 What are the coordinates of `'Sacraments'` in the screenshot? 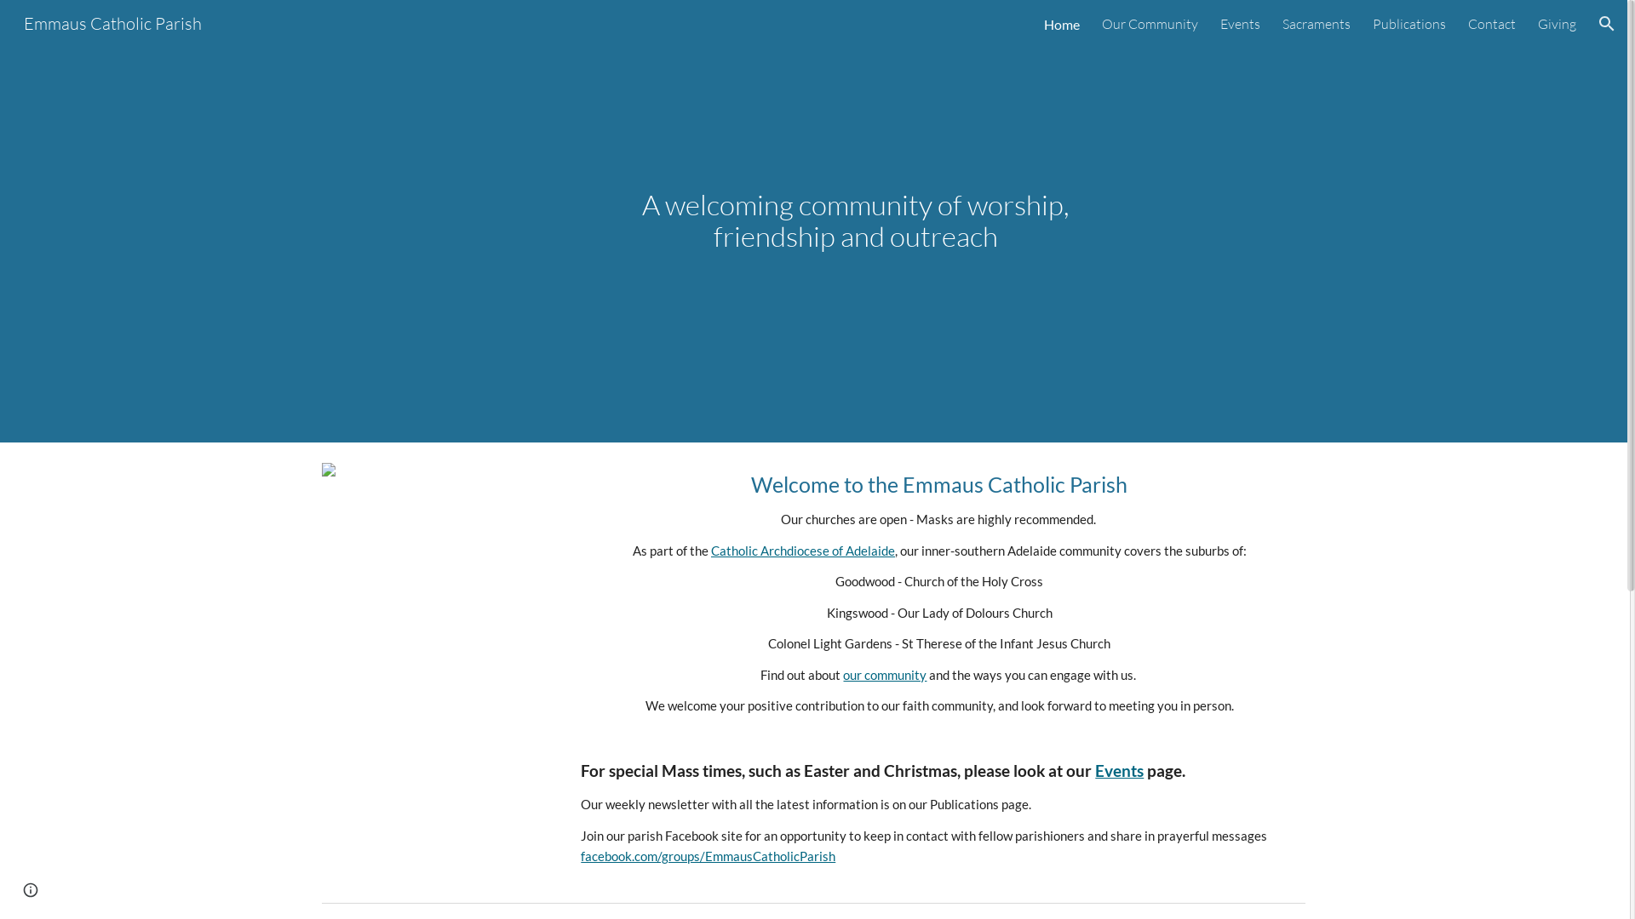 It's located at (1315, 23).